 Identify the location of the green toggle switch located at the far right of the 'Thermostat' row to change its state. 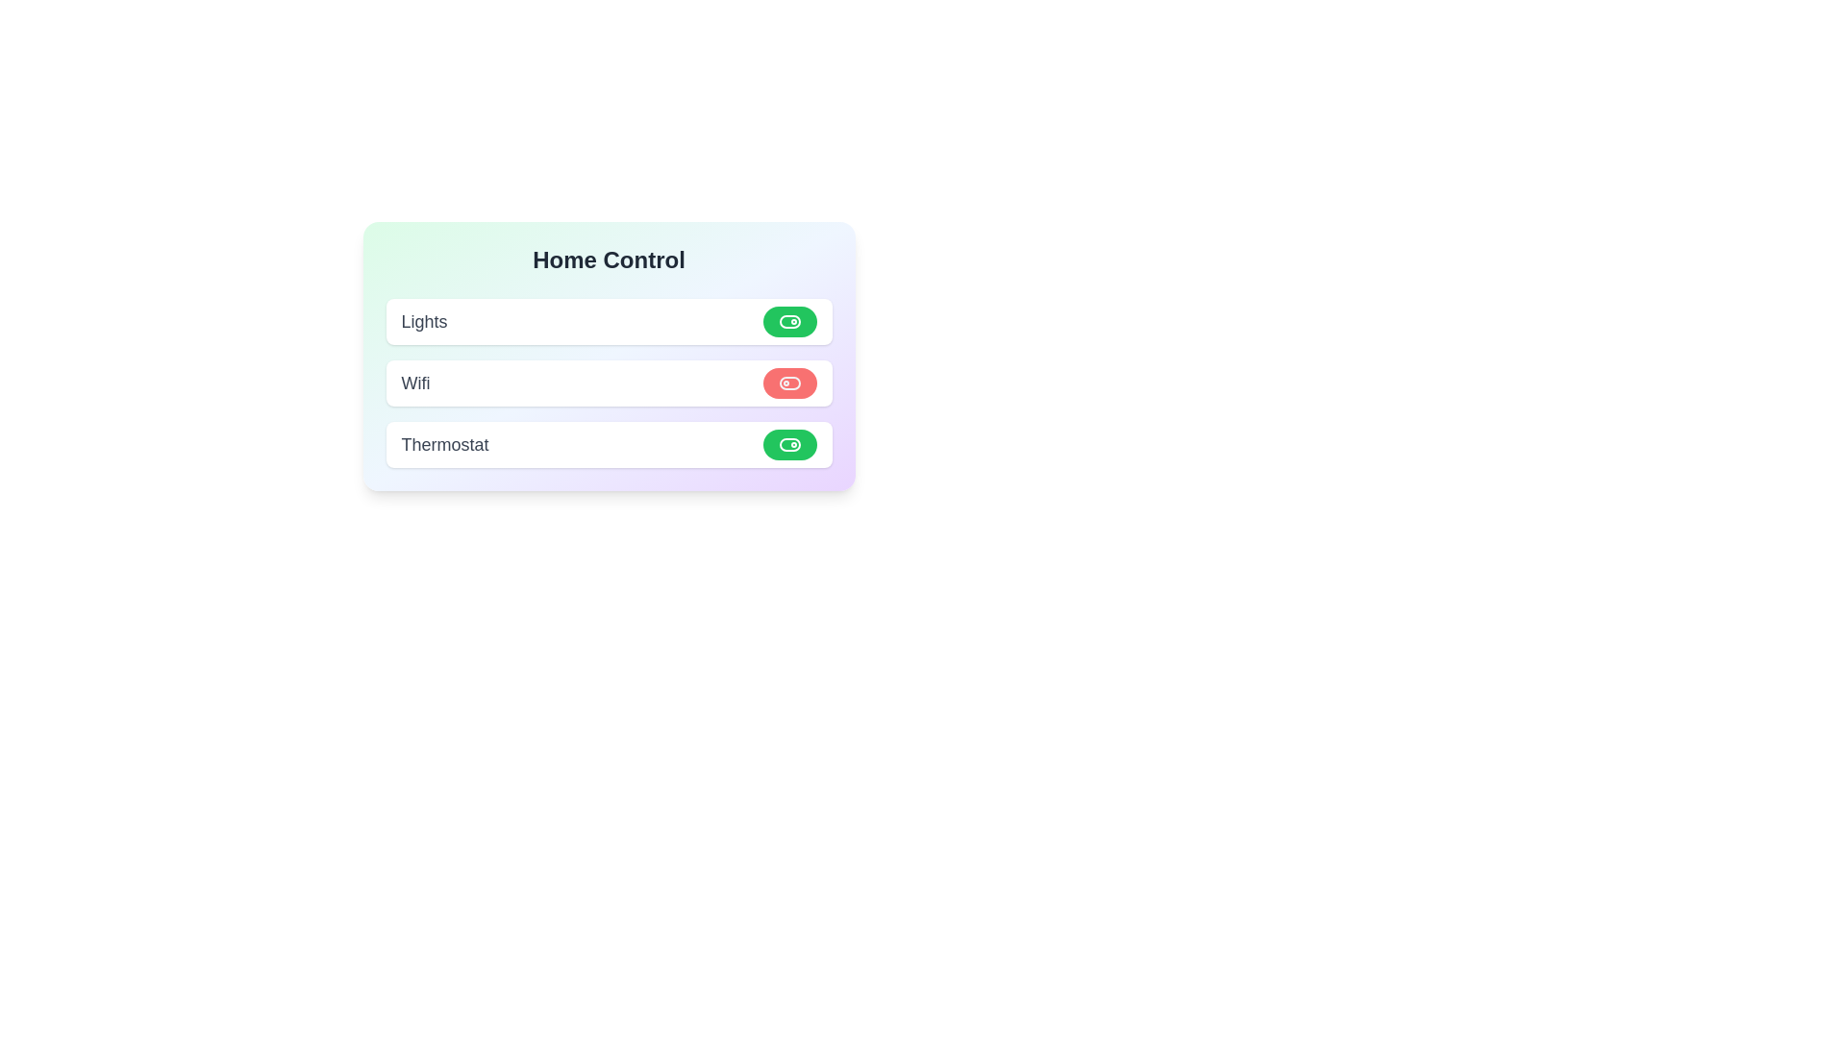
(789, 444).